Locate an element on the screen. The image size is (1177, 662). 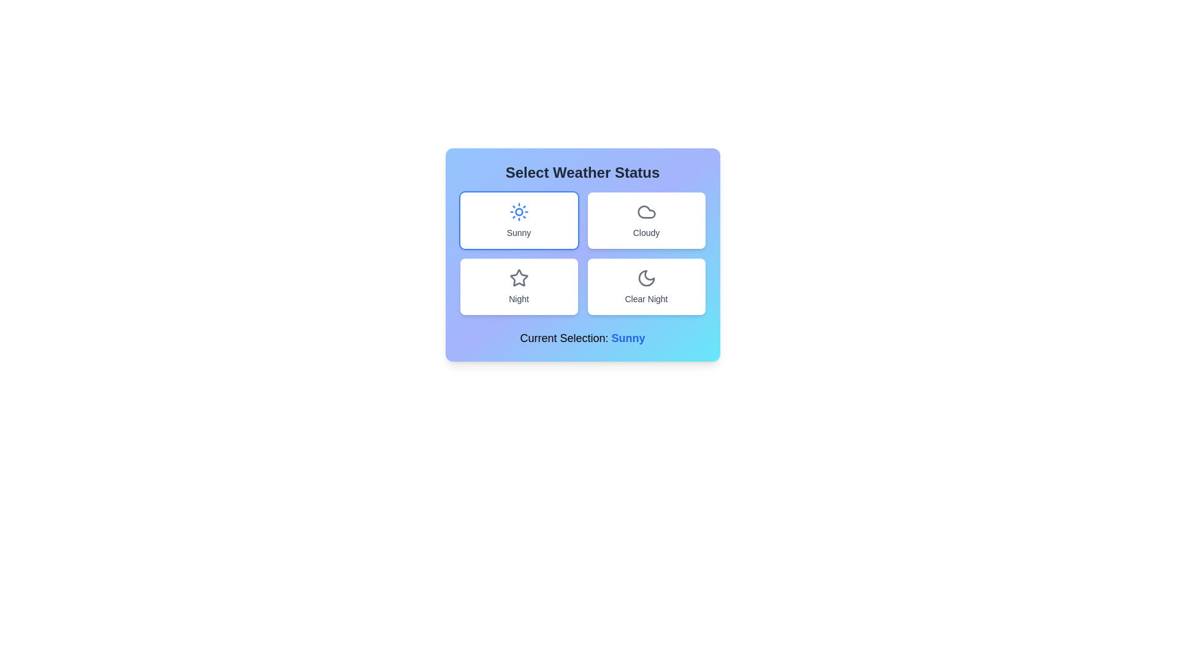
the 'Clear Night' text label, which indicates the weather condition and is located beneath the moon icon in the bottom-right option of the weather status selection grid is located at coordinates (646, 299).